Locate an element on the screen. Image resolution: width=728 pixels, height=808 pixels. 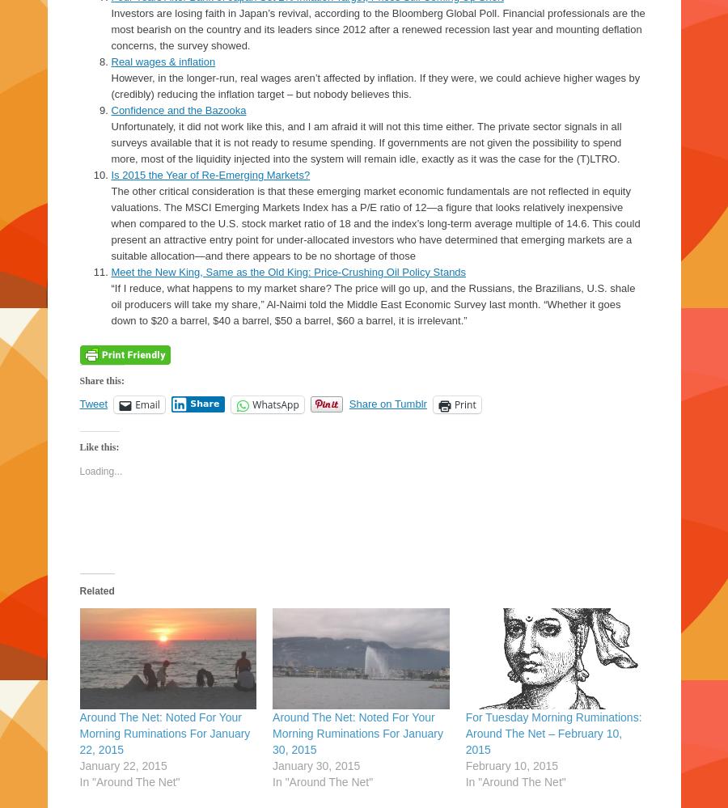
'Share' is located at coordinates (188, 404).